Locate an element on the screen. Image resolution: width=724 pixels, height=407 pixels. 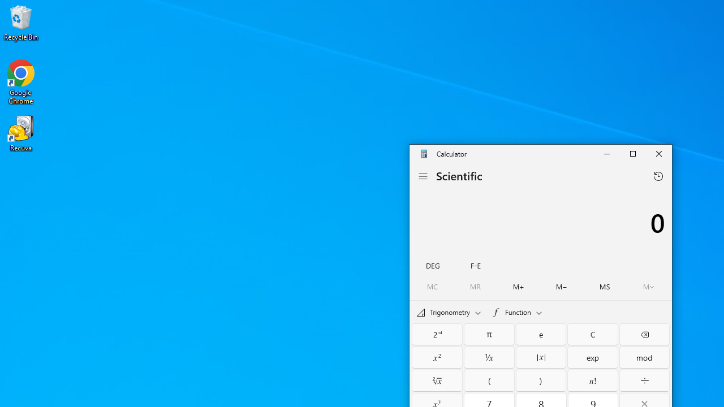
'Functions' is located at coordinates (516, 311).